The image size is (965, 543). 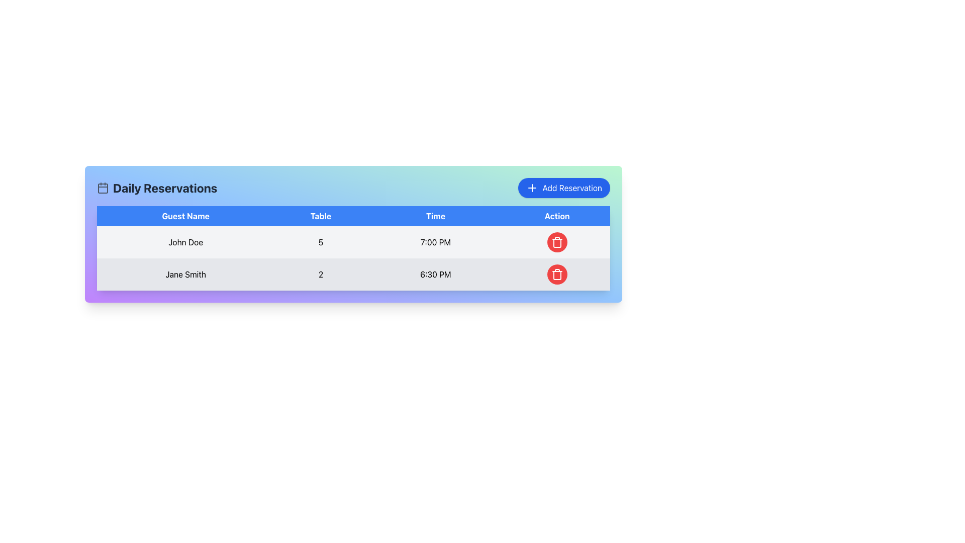 I want to click on the static text displaying the table number for the reservation belonging to 'Jane Smith', located in the second cell under the 'Table' column, so click(x=320, y=275).